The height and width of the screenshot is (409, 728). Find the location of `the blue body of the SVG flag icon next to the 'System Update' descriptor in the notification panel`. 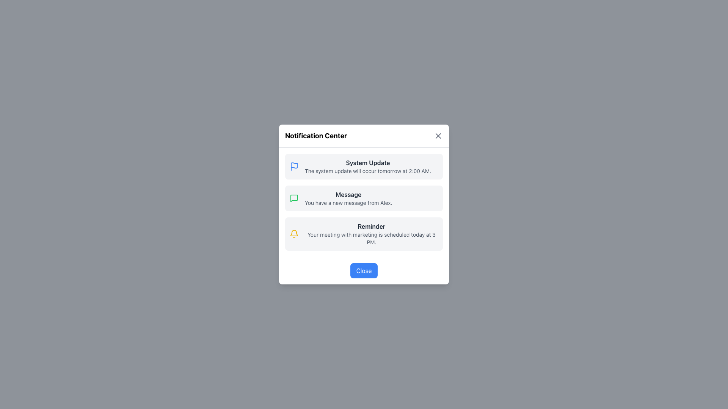

the blue body of the SVG flag icon next to the 'System Update' descriptor in the notification panel is located at coordinates (294, 165).